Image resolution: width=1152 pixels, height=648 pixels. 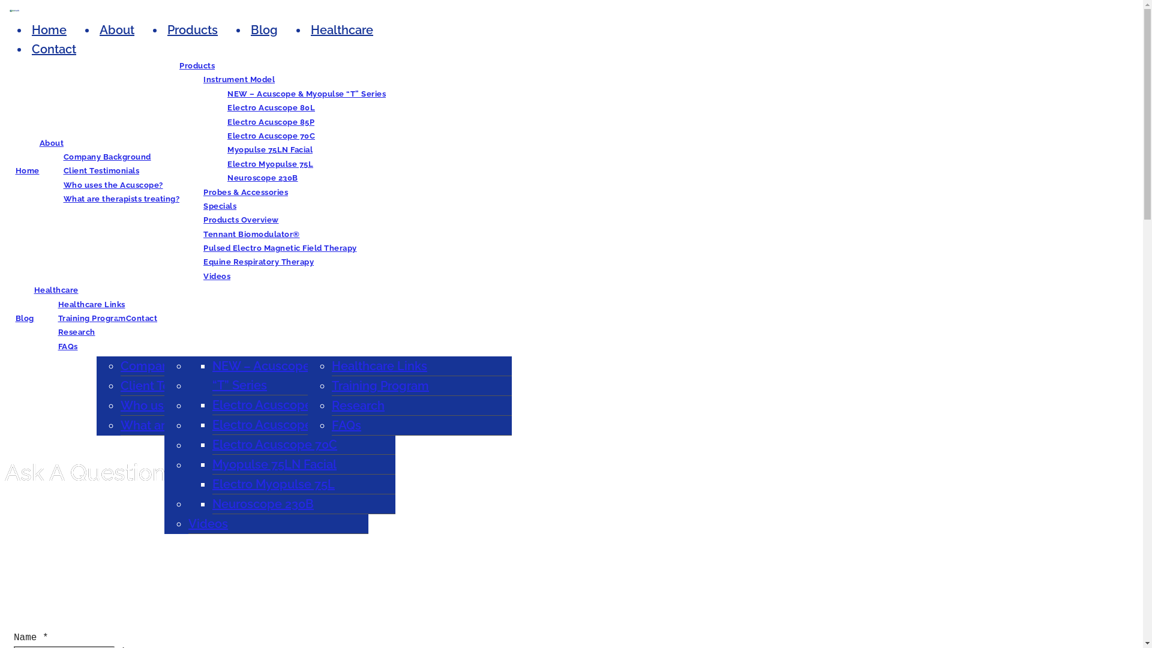 I want to click on 'Electro Acuscope 70C', so click(x=274, y=444).